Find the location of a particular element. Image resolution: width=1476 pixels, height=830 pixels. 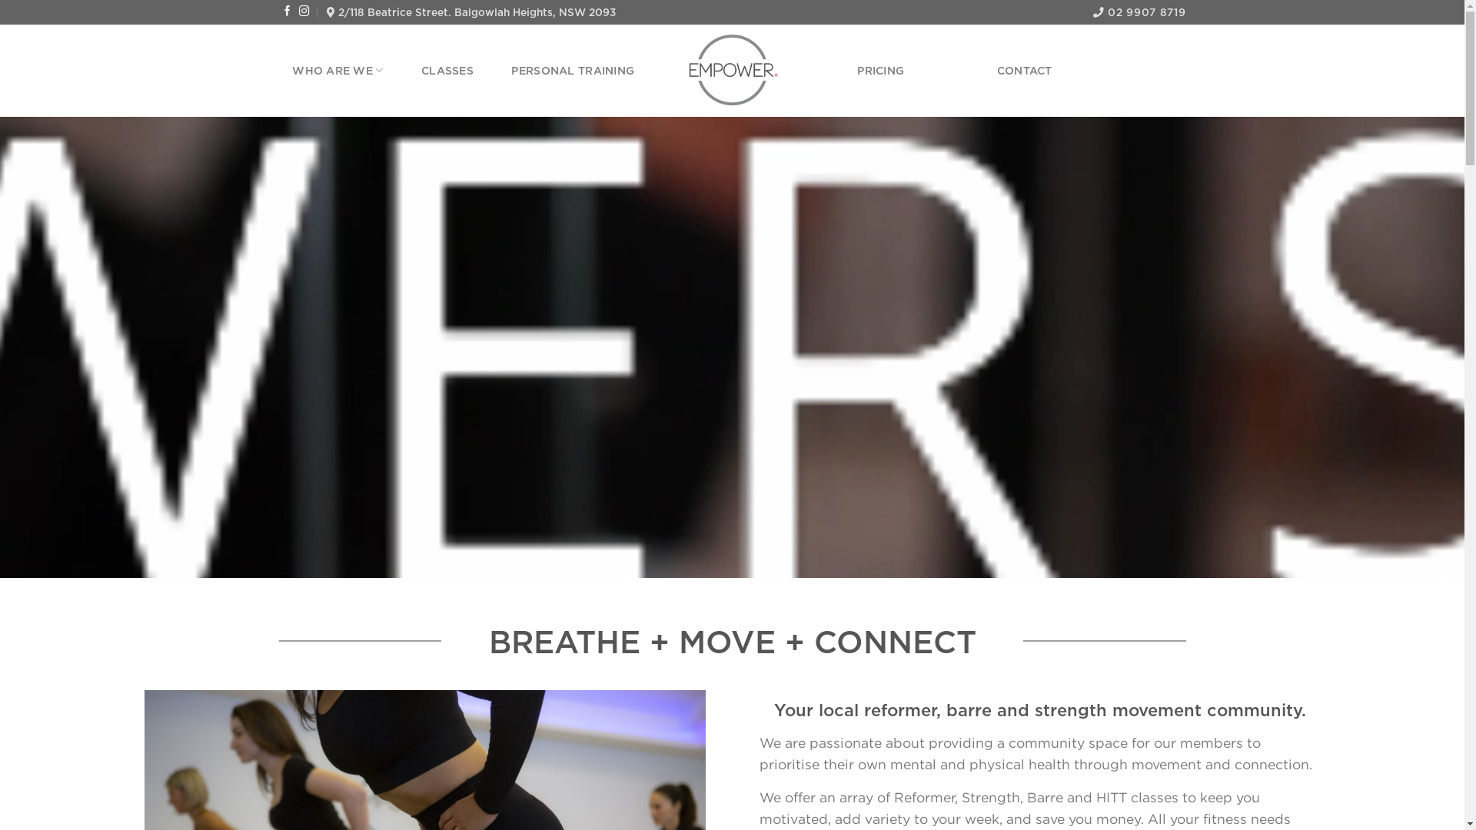

'PRICING' is located at coordinates (856, 71).